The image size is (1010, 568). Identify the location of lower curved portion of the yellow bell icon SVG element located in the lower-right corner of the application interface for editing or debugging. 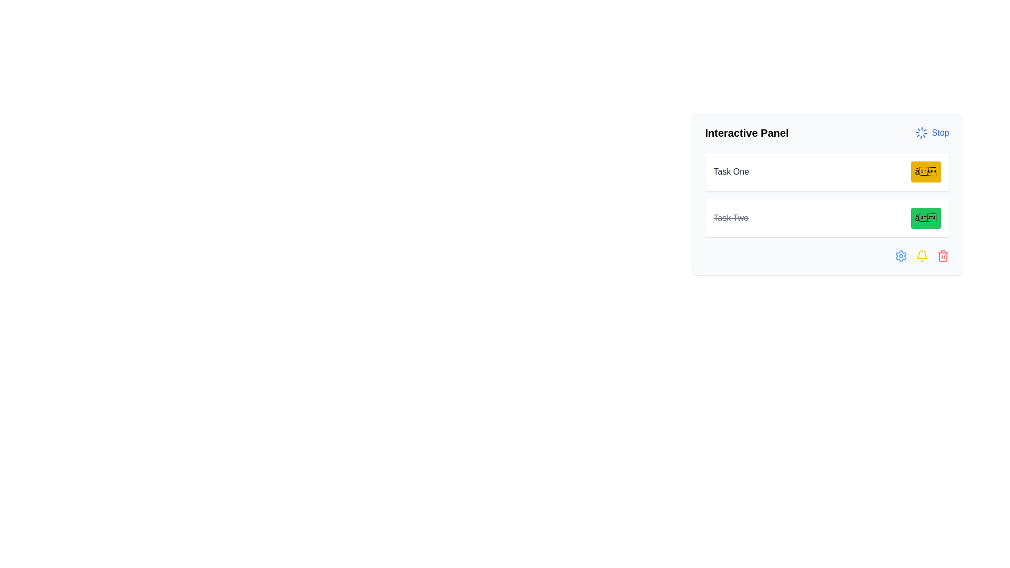
(921, 255).